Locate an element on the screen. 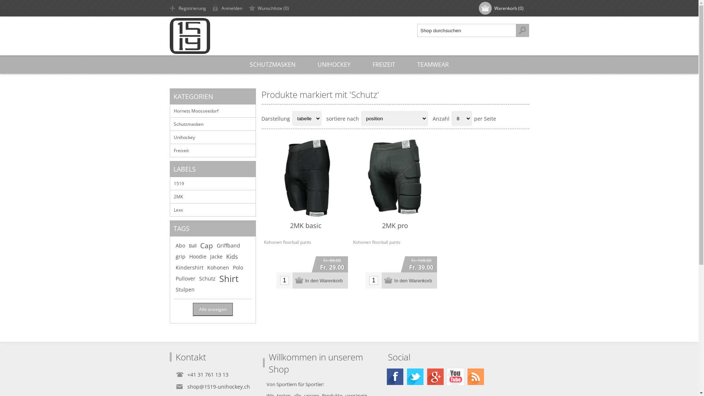  'Lexx' is located at coordinates (212, 209).